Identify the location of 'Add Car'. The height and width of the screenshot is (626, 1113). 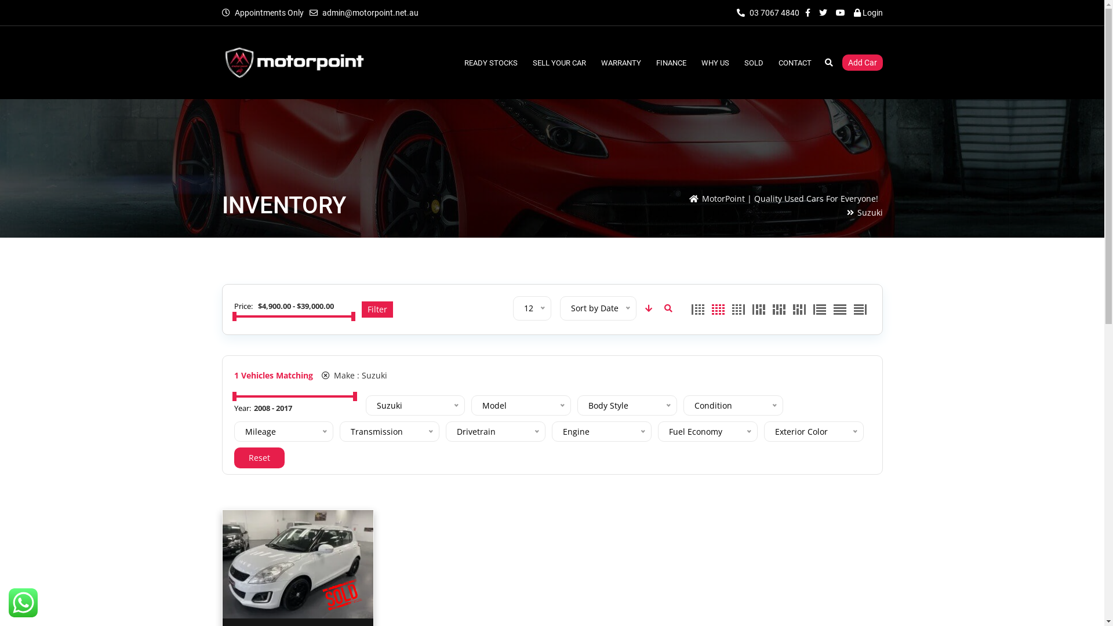
(862, 63).